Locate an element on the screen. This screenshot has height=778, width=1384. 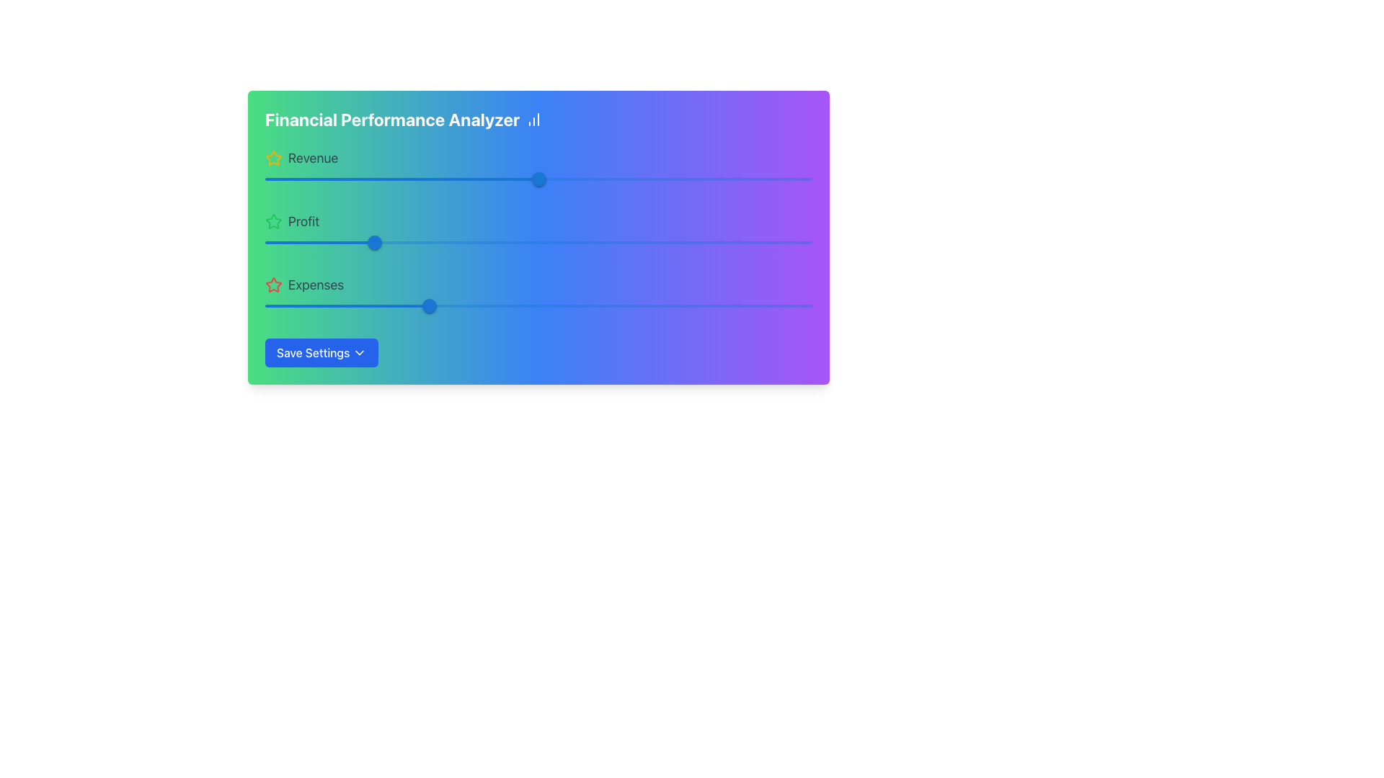
the Expenses slider is located at coordinates (451, 305).